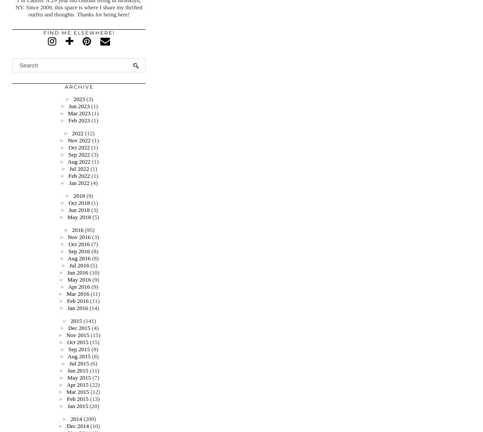  Describe the element at coordinates (78, 113) in the screenshot. I see `'Mar 2023'` at that location.